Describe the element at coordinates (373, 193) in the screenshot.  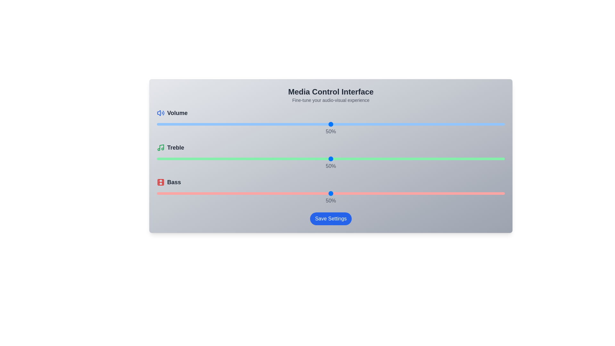
I see `bass level` at that location.